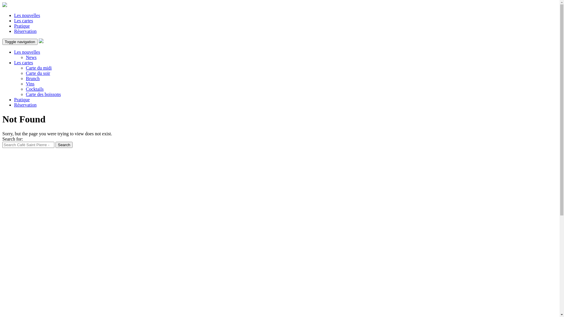  Describe the element at coordinates (23, 63) in the screenshot. I see `'Les cartes'` at that location.